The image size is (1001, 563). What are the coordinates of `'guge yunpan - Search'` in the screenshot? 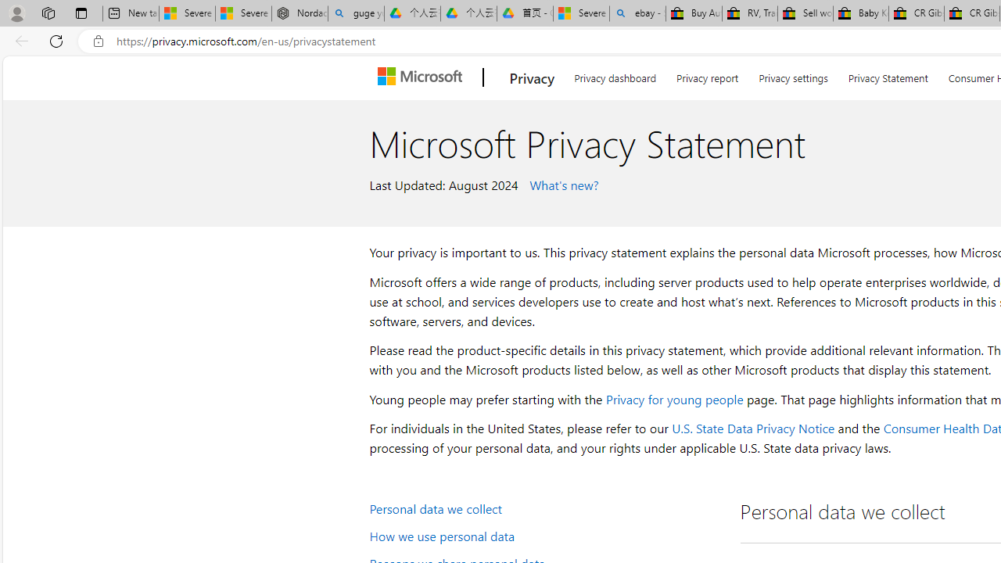 It's located at (355, 13).